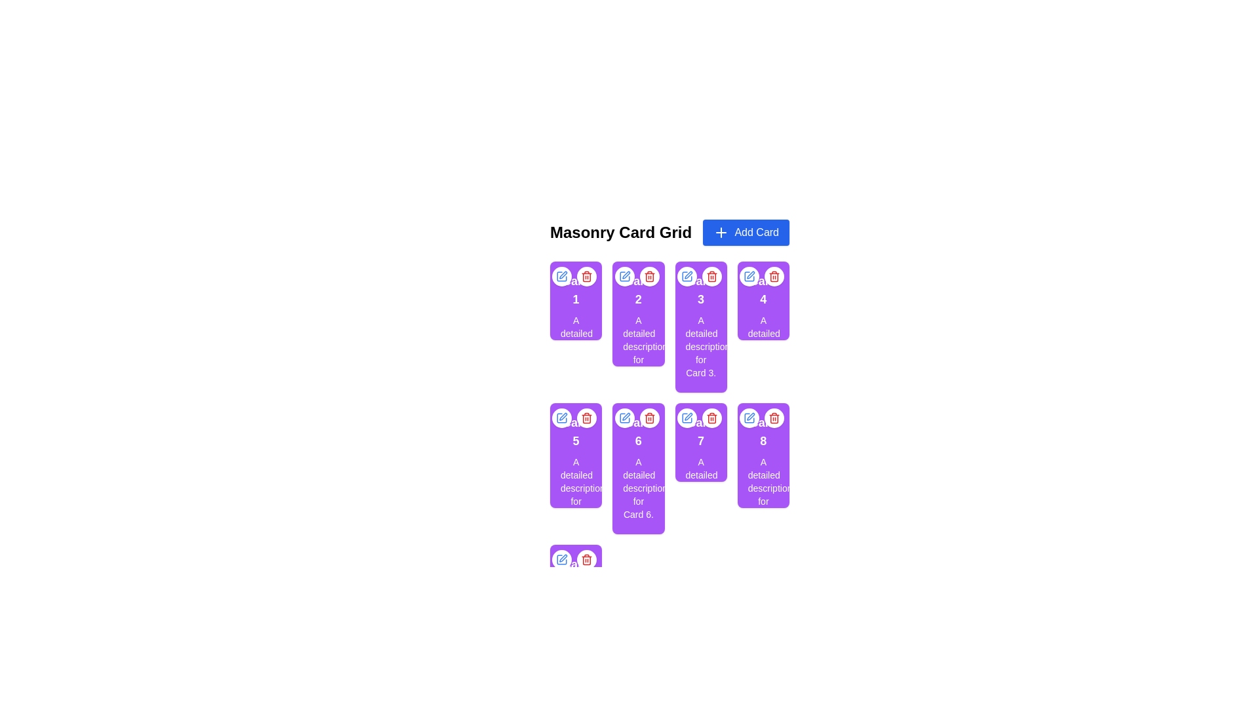  Describe the element at coordinates (749, 418) in the screenshot. I see `the circular button with a white background and blue pen icon in the top-right corner of the card labeled '8'` at that location.